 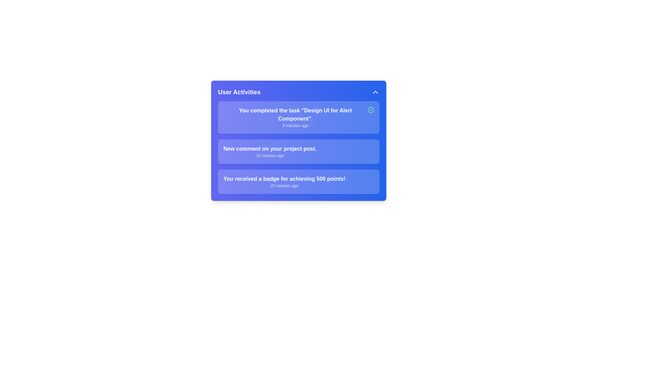 I want to click on the Notification card with a light blue background and a green checkmark icon, which is the first in the list of notifications under 'User Activities', so click(x=299, y=117).